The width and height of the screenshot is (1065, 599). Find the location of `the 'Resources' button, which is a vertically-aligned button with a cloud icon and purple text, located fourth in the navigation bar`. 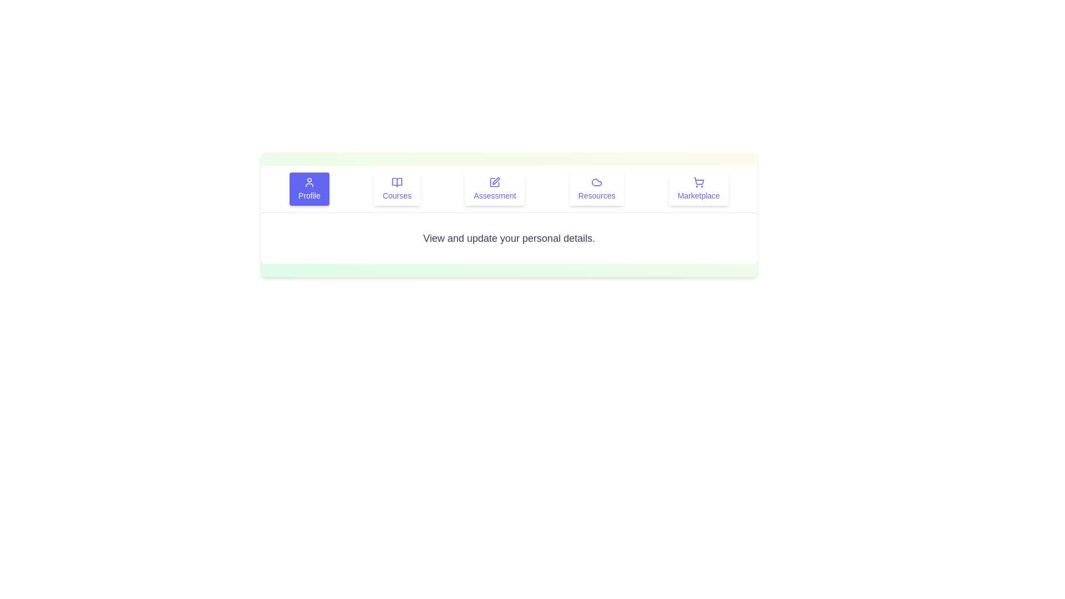

the 'Resources' button, which is a vertically-aligned button with a cloud icon and purple text, located fourth in the navigation bar is located at coordinates (596, 188).